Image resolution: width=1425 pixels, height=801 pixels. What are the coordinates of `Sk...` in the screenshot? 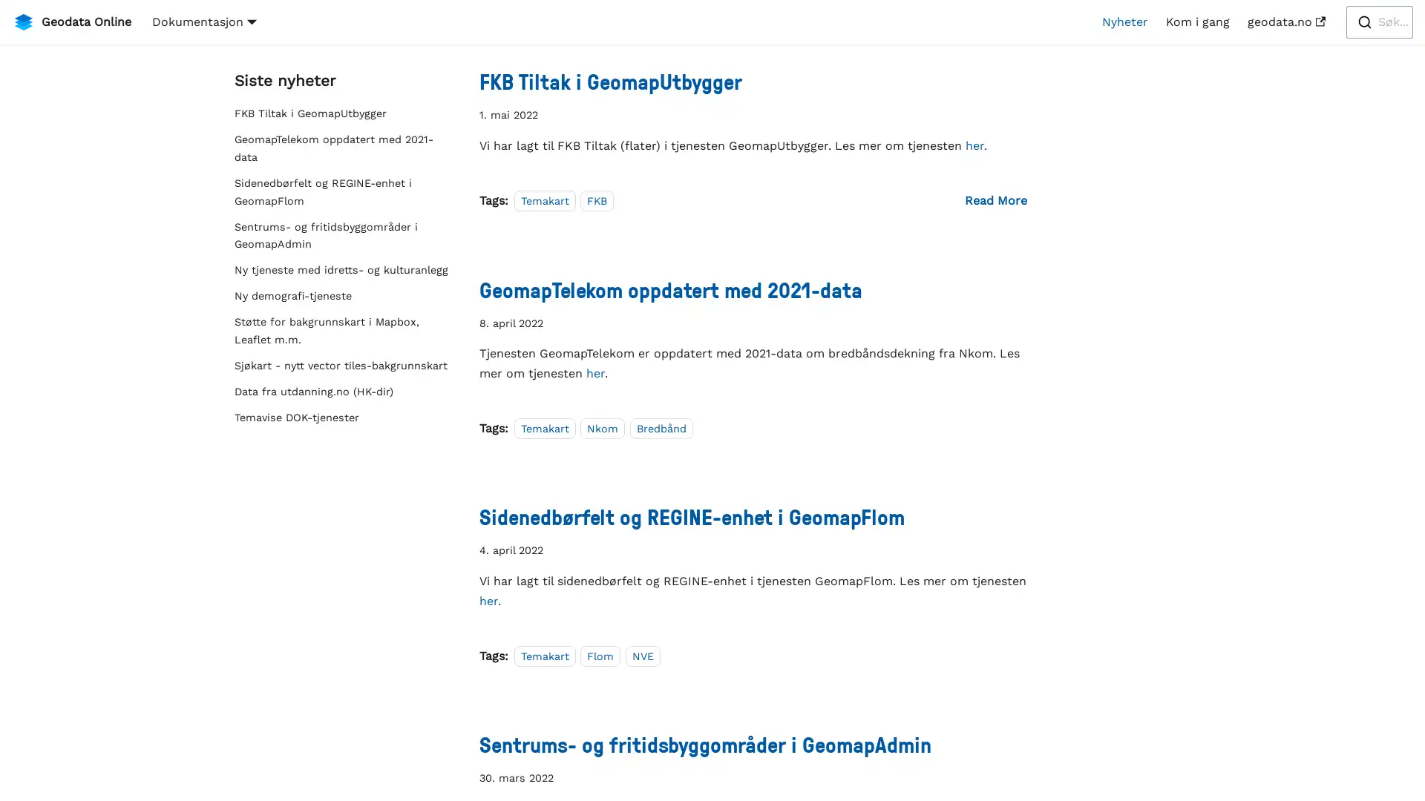 It's located at (1378, 22).